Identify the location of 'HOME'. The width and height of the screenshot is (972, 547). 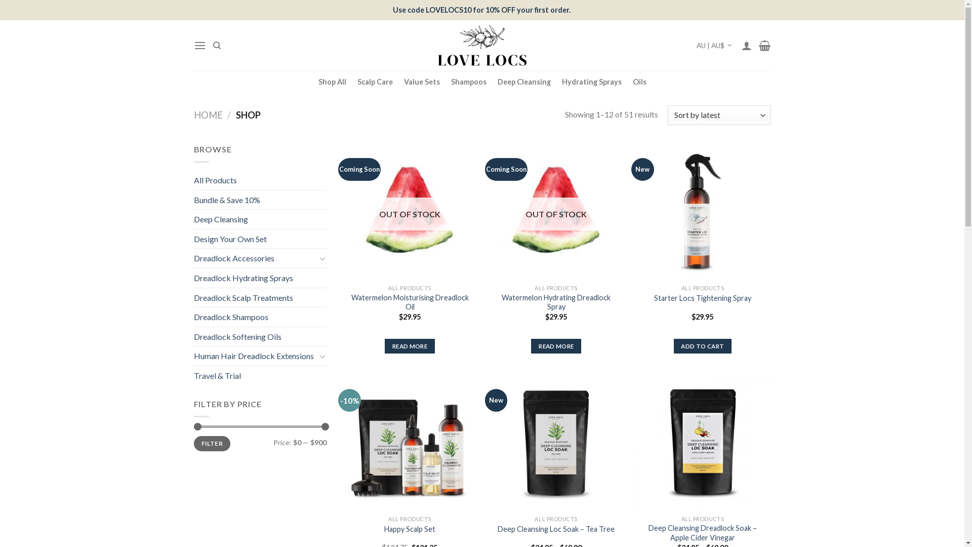
(193, 114).